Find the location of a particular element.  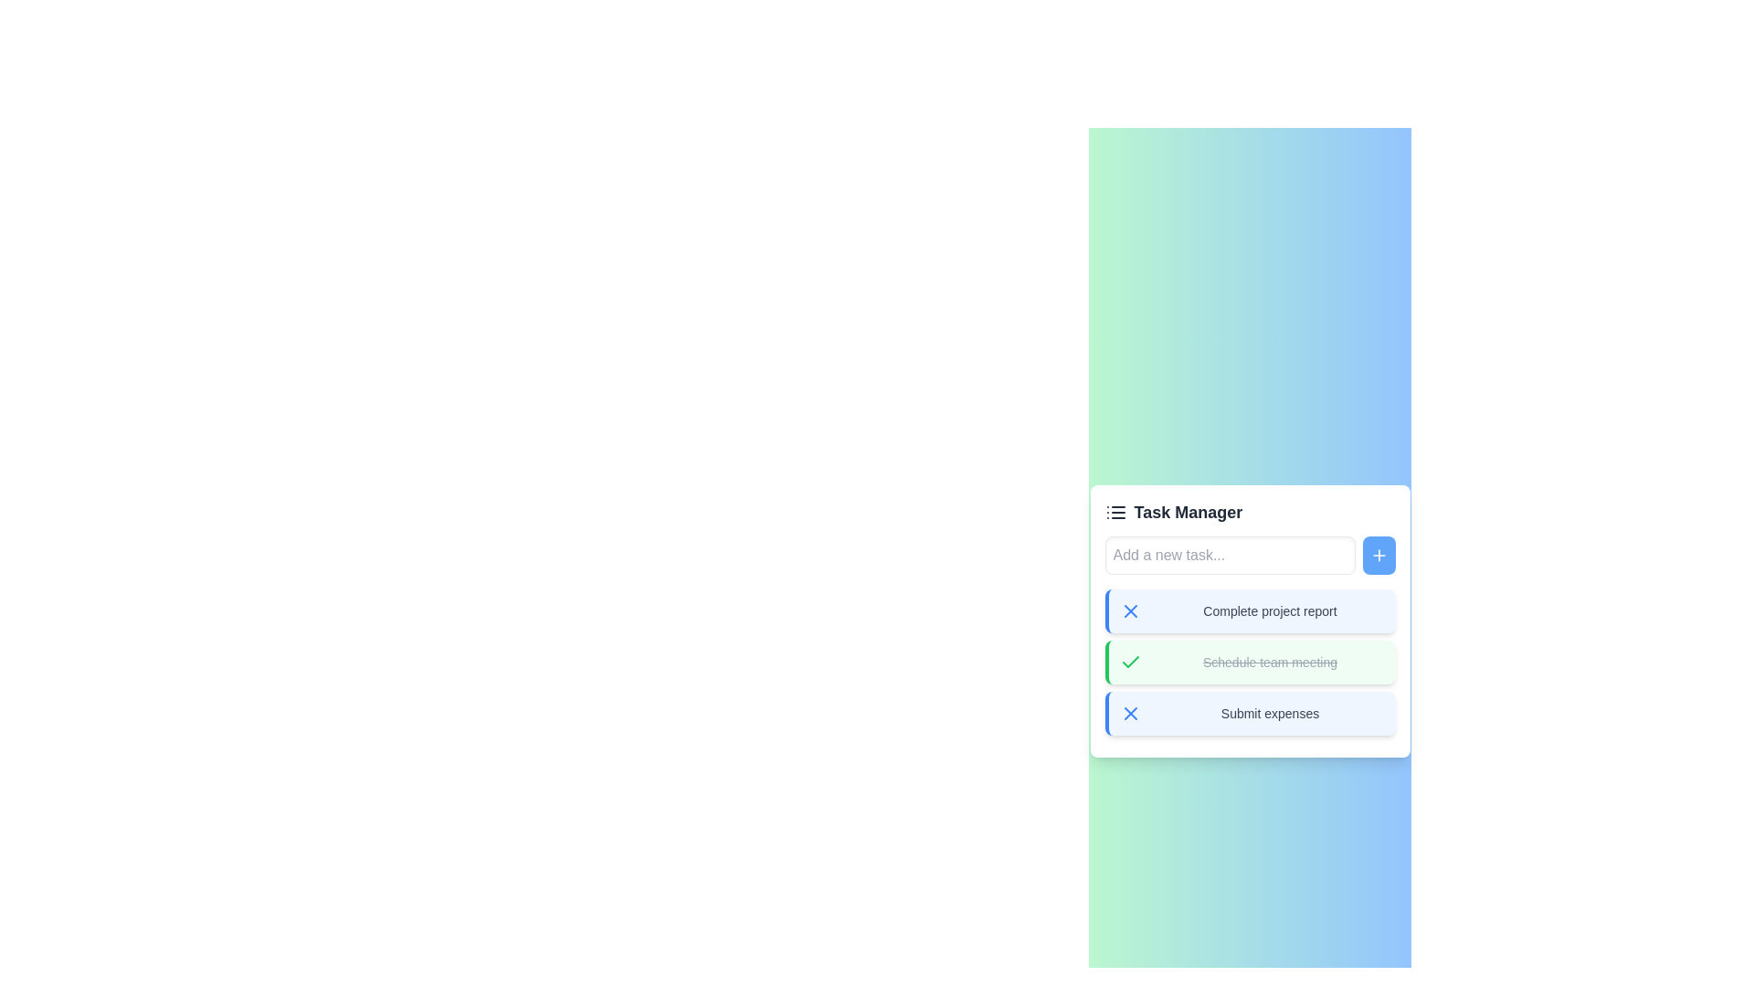

add button to add a new task is located at coordinates (1379, 555).